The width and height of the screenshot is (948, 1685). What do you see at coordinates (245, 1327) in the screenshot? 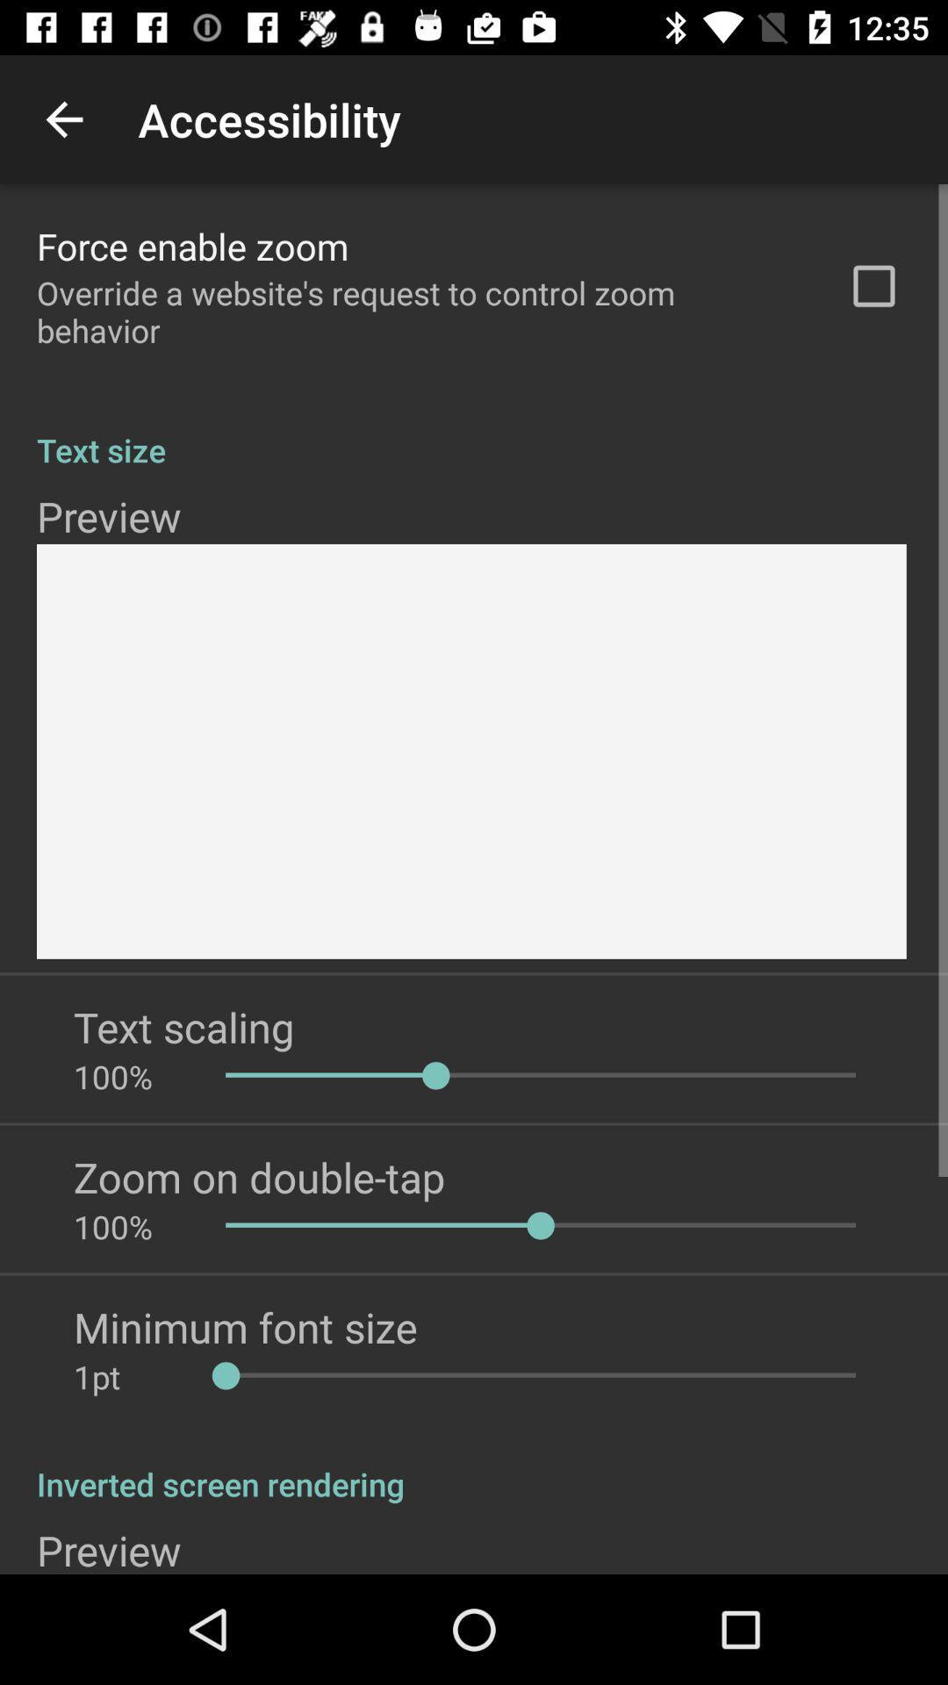
I see `minimum font size` at bounding box center [245, 1327].